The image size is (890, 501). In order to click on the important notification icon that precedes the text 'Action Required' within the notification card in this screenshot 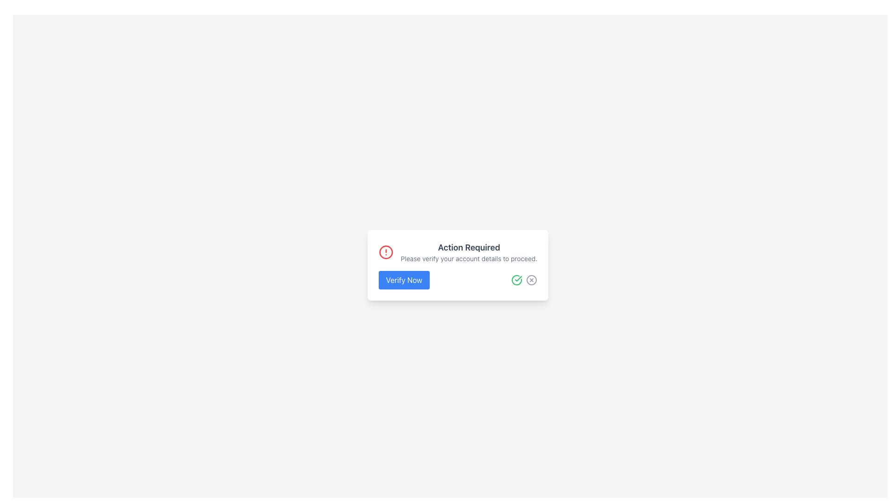, I will do `click(386, 252)`.